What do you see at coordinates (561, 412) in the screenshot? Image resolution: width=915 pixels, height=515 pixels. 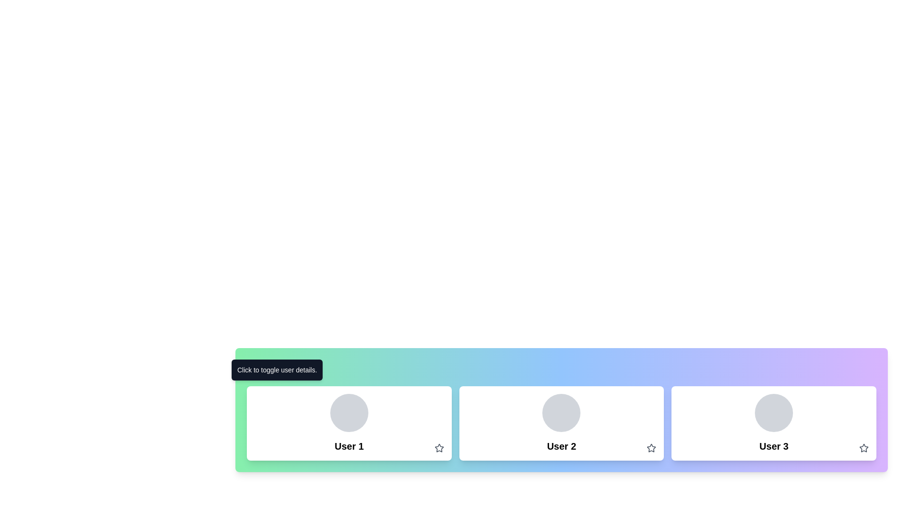 I see `the visual placeholder for the user profile picture located at the top central position of the 'User 2' card` at bounding box center [561, 412].